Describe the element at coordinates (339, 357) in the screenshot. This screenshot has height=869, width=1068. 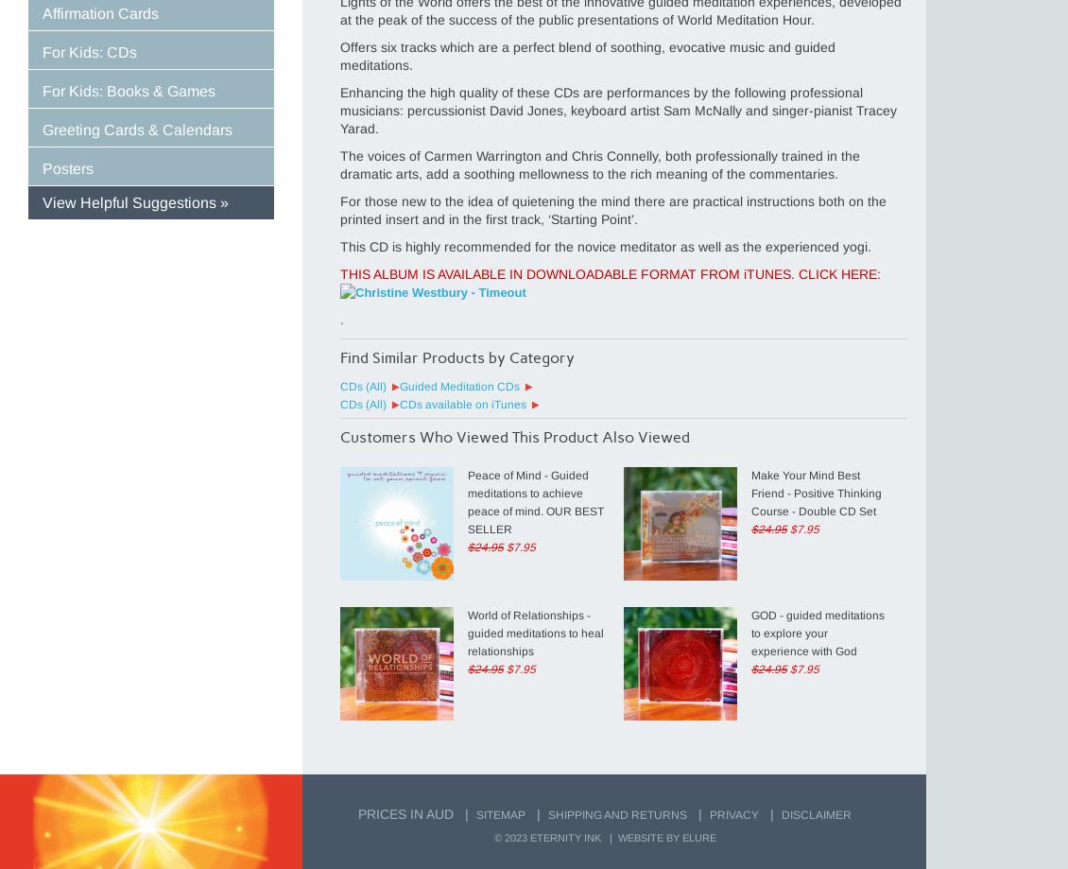
I see `'Find Similar Products by Category'` at that location.